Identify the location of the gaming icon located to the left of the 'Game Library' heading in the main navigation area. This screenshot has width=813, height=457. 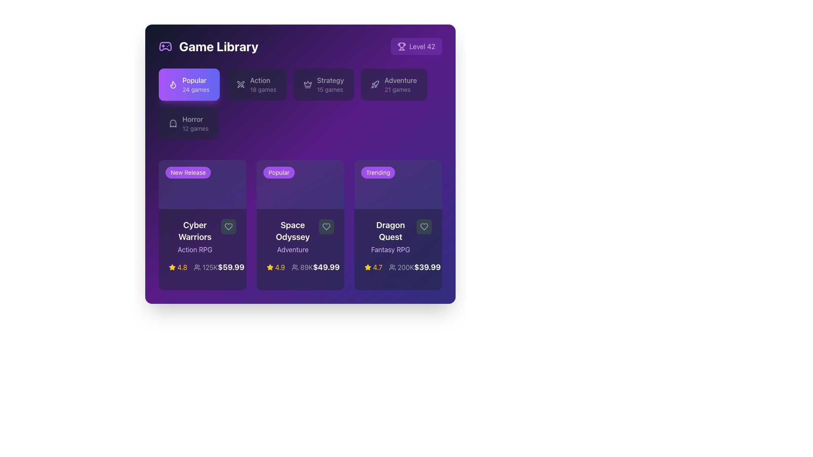
(165, 47).